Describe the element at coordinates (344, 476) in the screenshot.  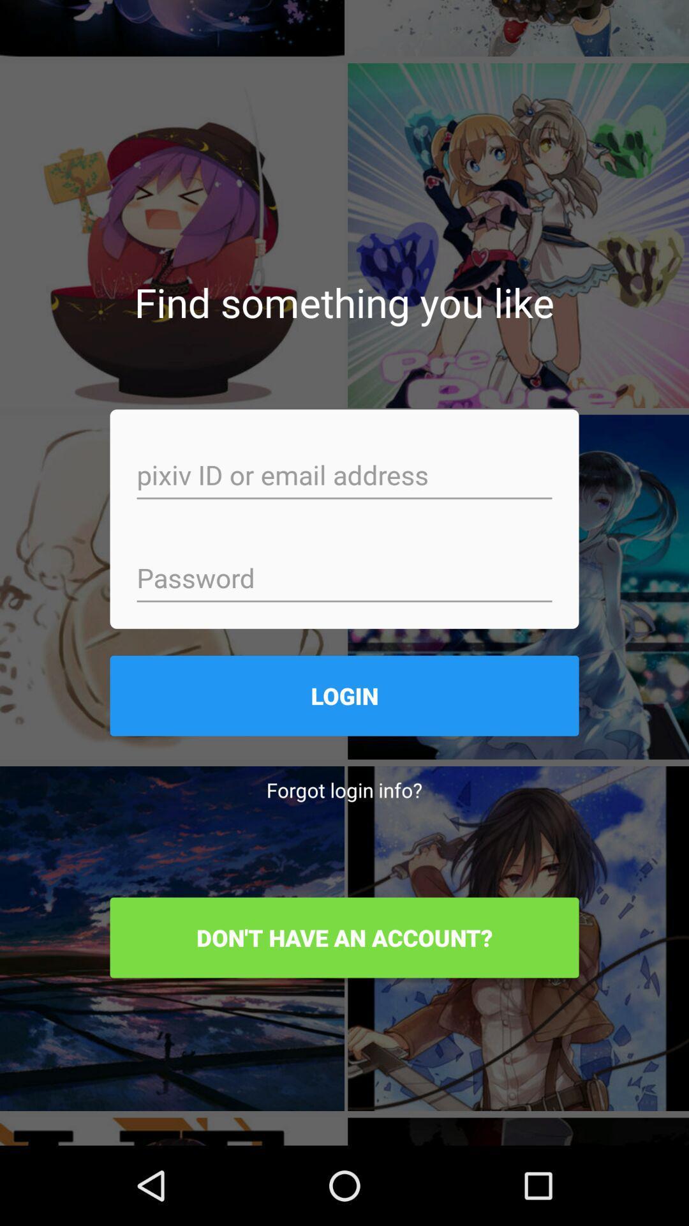
I see `email address or id` at that location.